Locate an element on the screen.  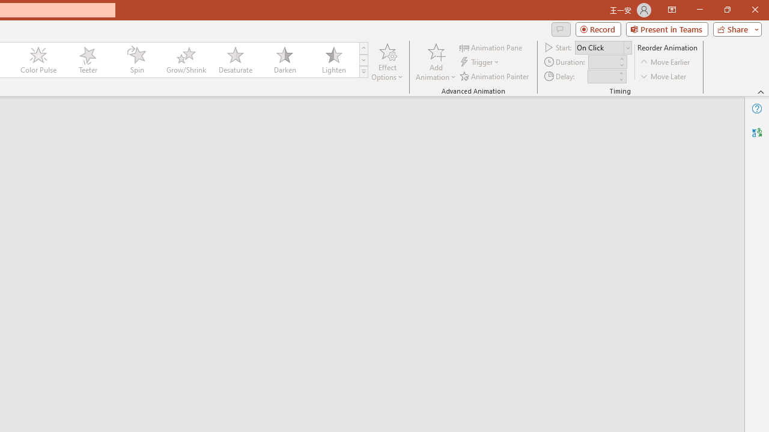
'Move Later' is located at coordinates (663, 76).